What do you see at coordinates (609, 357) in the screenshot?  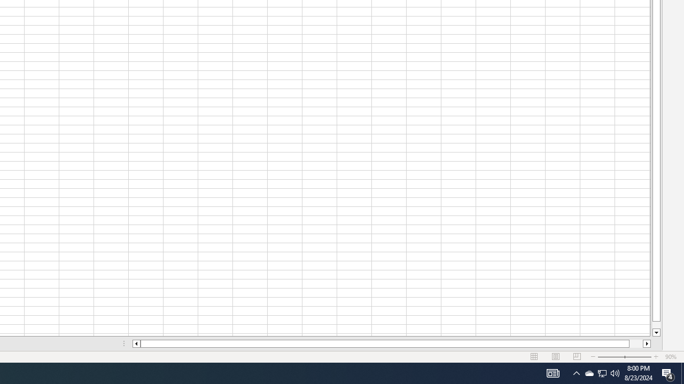 I see `'Zoom Out'` at bounding box center [609, 357].